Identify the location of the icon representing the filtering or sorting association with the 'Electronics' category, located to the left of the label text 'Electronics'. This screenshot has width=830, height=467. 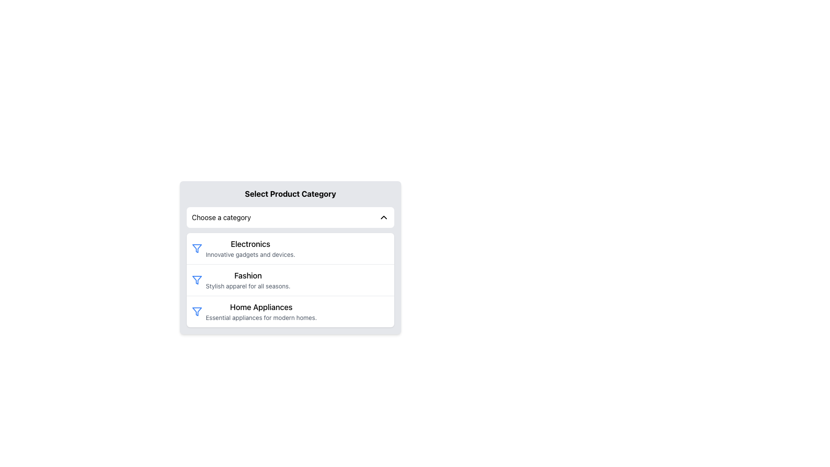
(197, 248).